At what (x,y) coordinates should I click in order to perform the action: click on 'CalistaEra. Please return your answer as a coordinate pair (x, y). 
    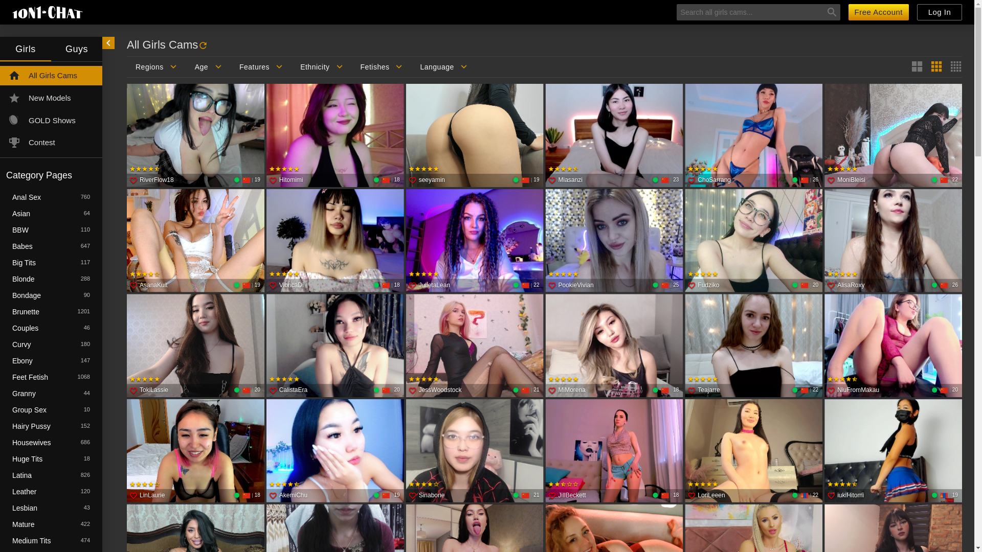
    Looking at the image, I should click on (335, 346).